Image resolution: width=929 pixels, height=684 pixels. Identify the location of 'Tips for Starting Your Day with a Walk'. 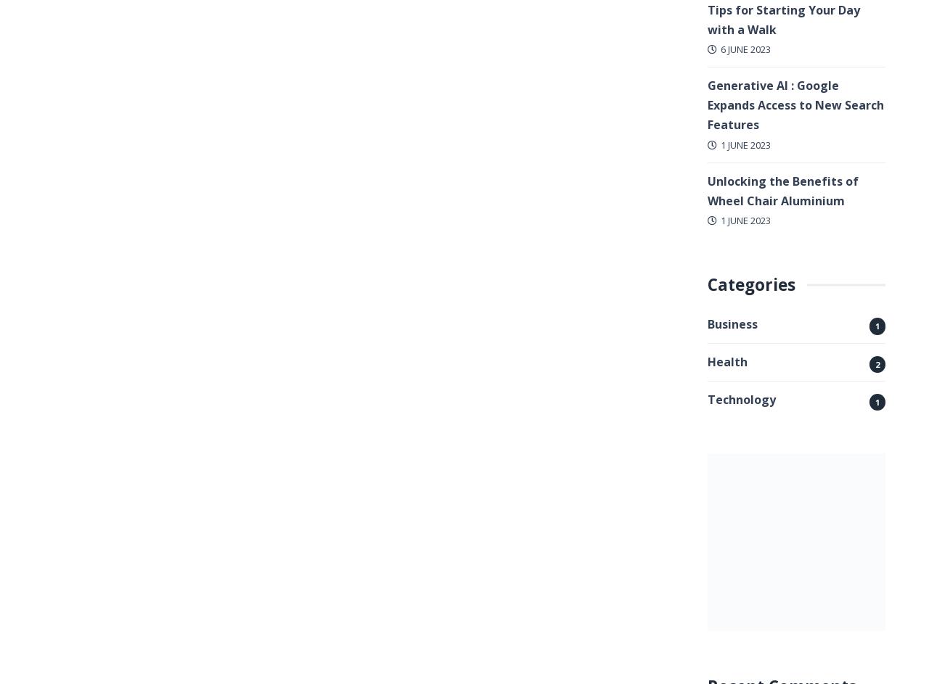
(783, 19).